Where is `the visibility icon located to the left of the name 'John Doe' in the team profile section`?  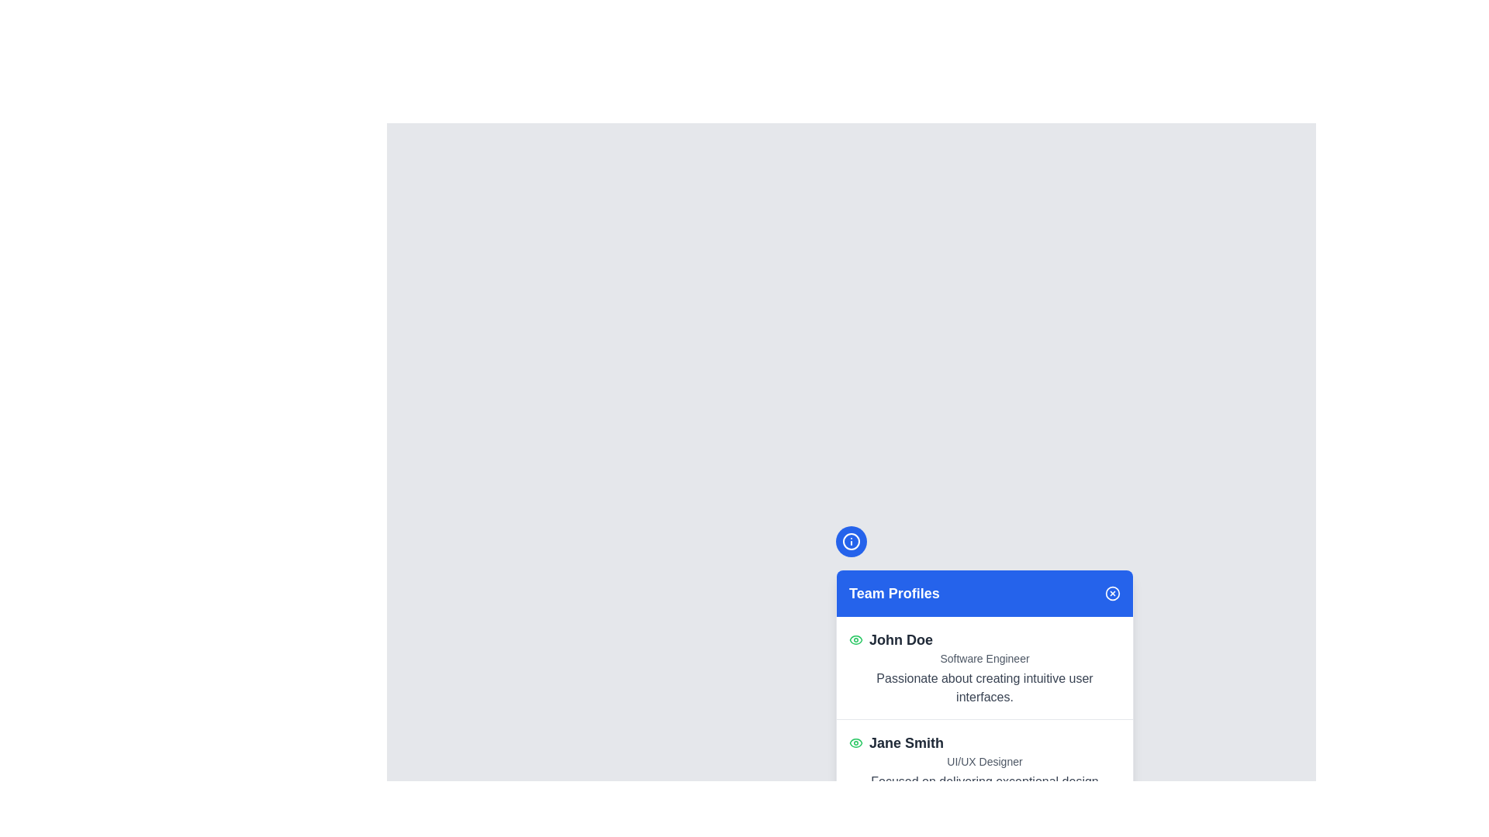 the visibility icon located to the left of the name 'John Doe' in the team profile section is located at coordinates (855, 639).